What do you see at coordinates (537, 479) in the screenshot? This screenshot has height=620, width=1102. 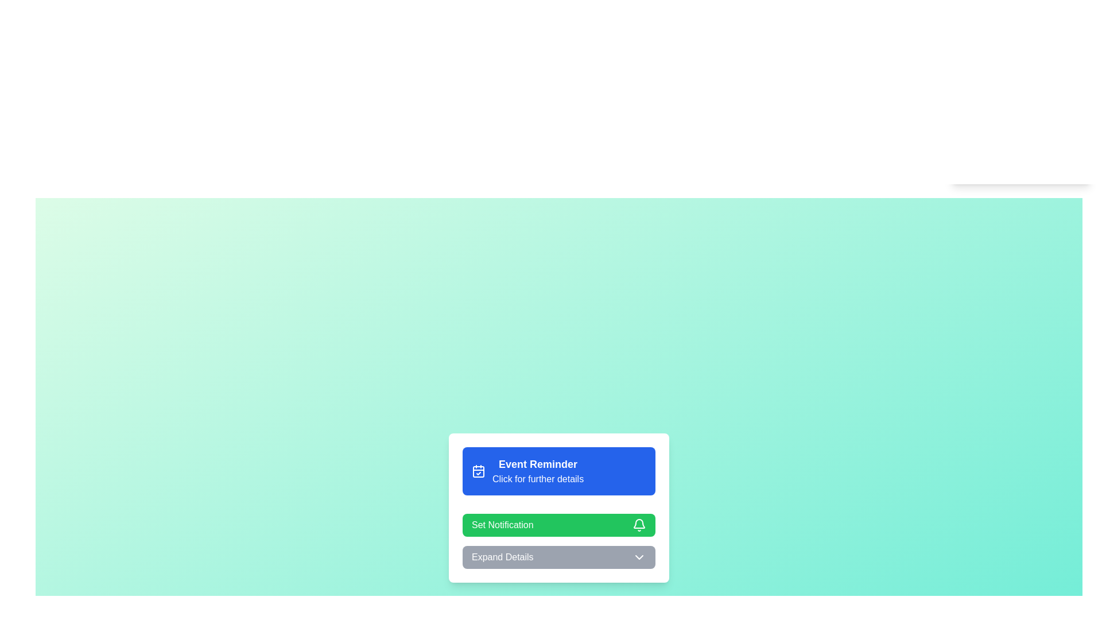 I see `the text label that reads 'Click for further details' which is displayed in white font on a blue background, positioned below 'Event Reminder'` at bounding box center [537, 479].